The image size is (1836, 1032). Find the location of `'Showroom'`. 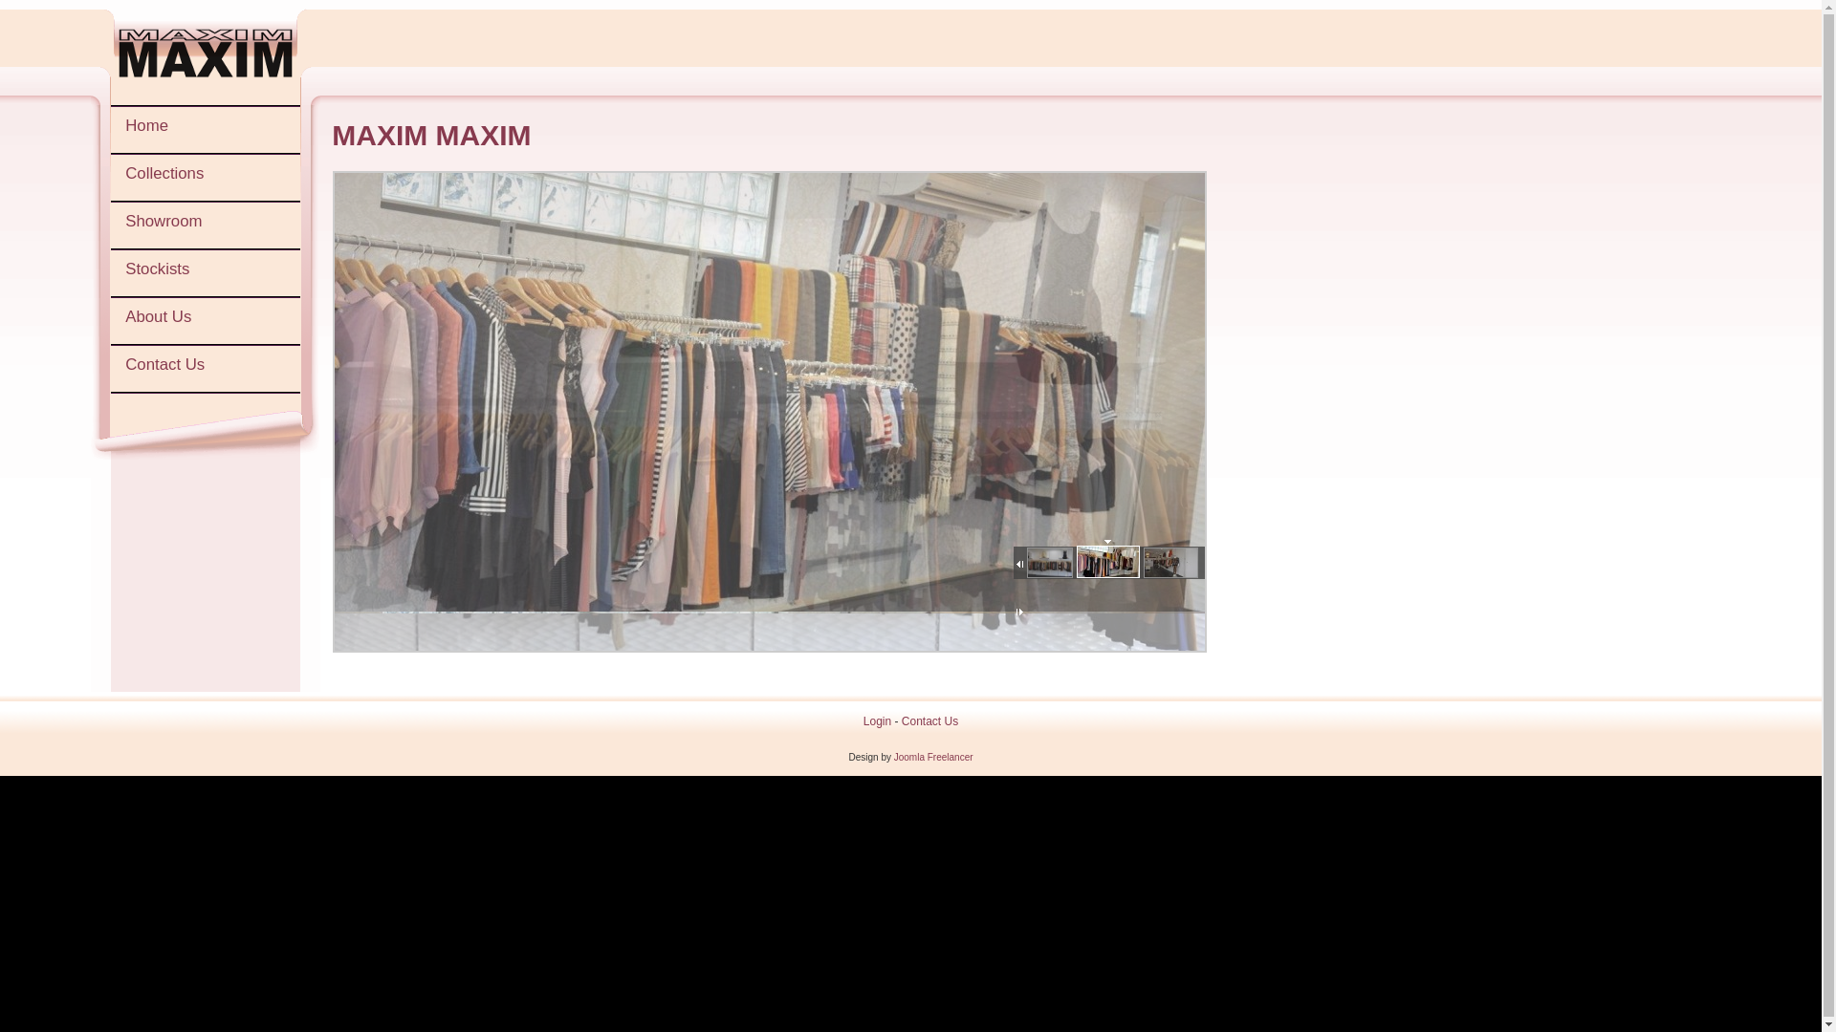

'Showroom' is located at coordinates (109, 225).